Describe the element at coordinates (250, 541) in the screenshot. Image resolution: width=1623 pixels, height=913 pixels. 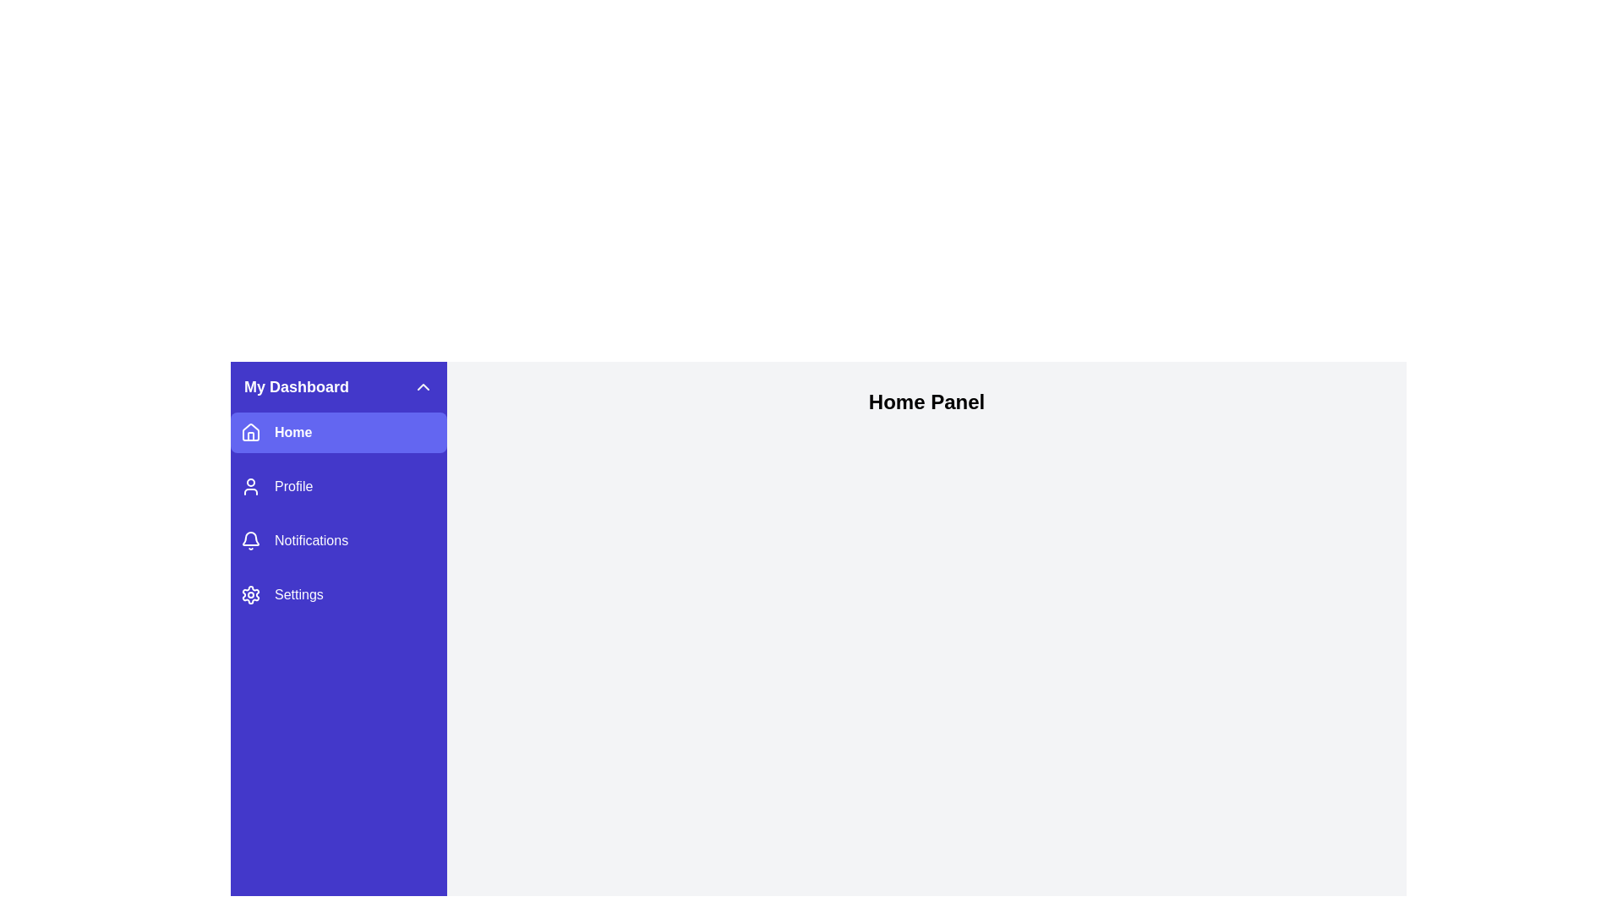
I see `the 'Notifications' icon in the vertical navigation sidebar, which is located between the 'Profile' item above and the 'Settings' item below` at that location.